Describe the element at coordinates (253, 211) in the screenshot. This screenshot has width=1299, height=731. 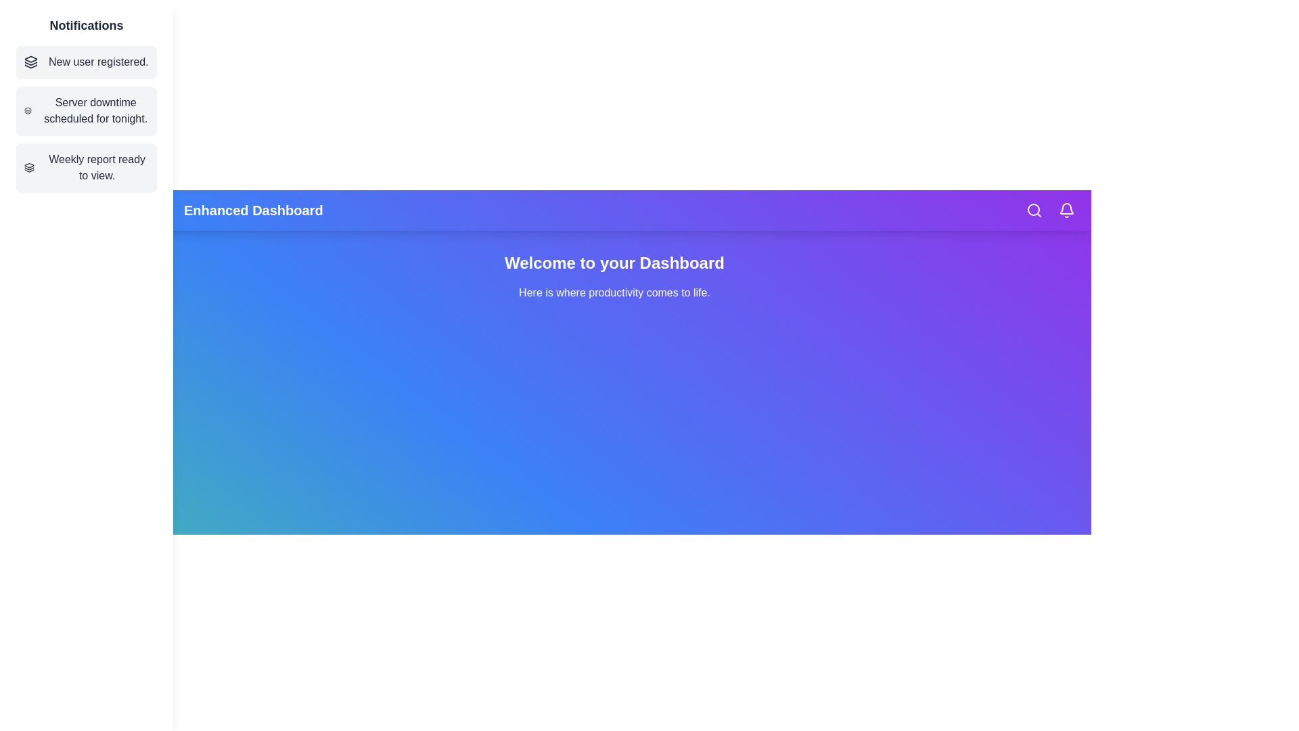
I see `the header text 'Enhanced Dashboard' to interact with it` at that location.